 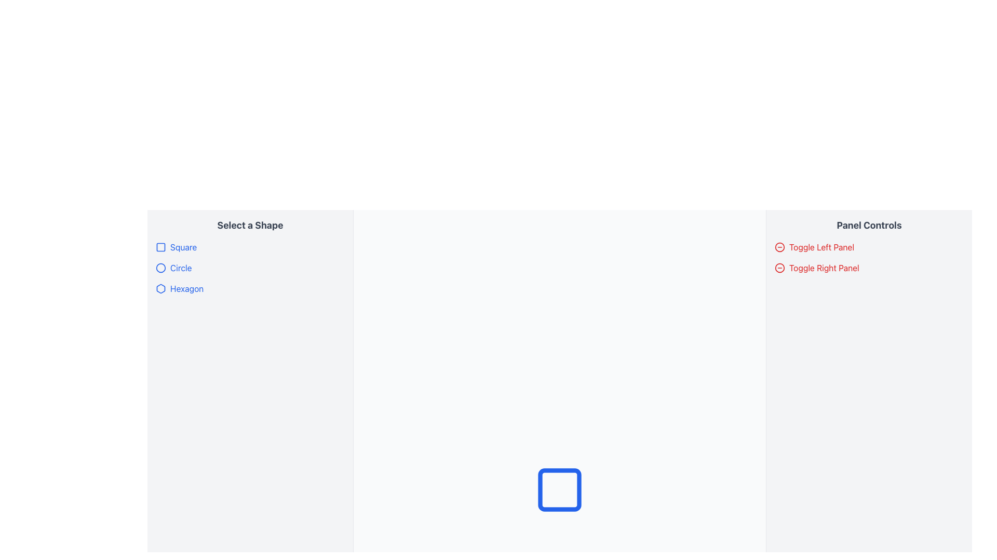 I want to click on the Circular vector graphic in the 'Select a Shape' section, which visually represents a 'Circle' and is located between the 'Square' and 'Hexagon' options, so click(x=160, y=267).